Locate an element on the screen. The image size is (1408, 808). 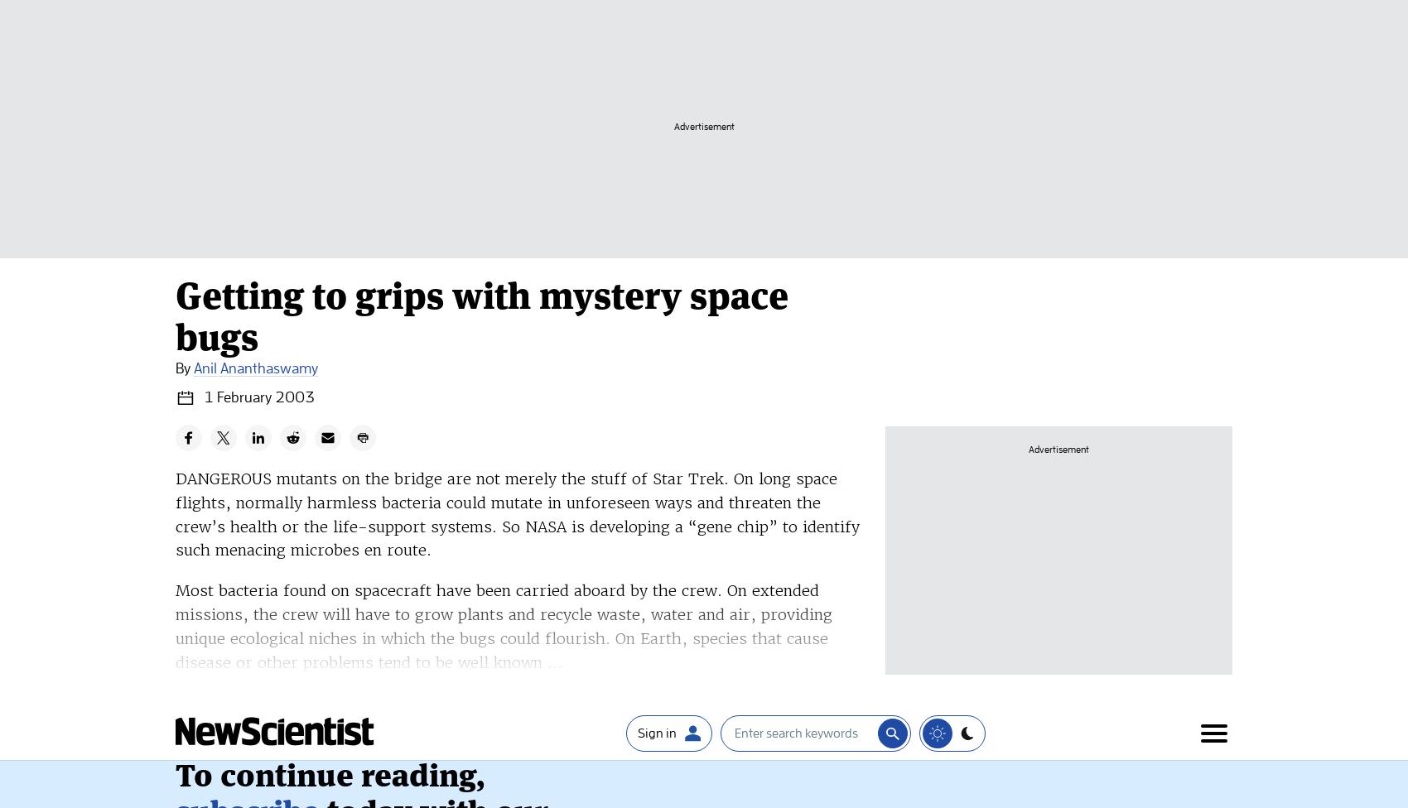
'or' is located at coordinates (399, 413).